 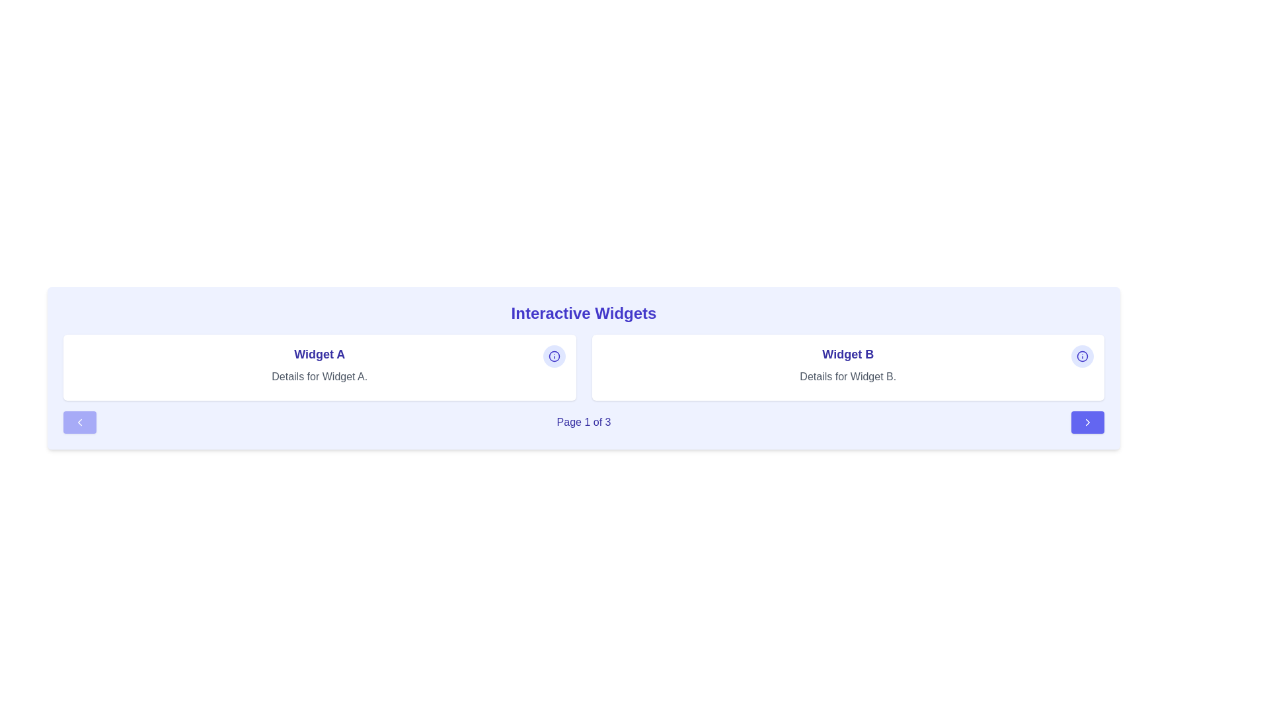 I want to click on the text label that indicates the current page number and total available pages, located in the navigation bar's central segment between navigation buttons, so click(x=583, y=423).